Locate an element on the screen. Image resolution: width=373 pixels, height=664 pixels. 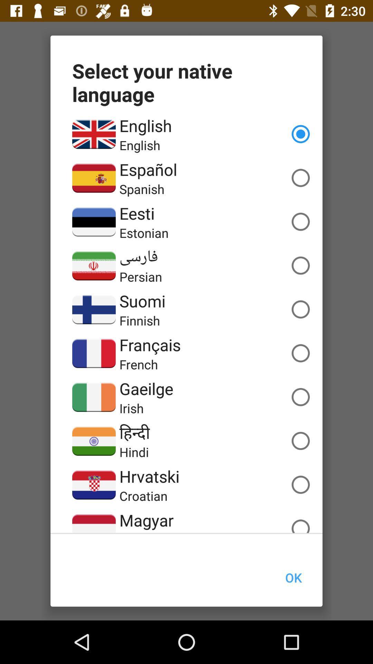
the icon below hrvatski is located at coordinates (143, 496).